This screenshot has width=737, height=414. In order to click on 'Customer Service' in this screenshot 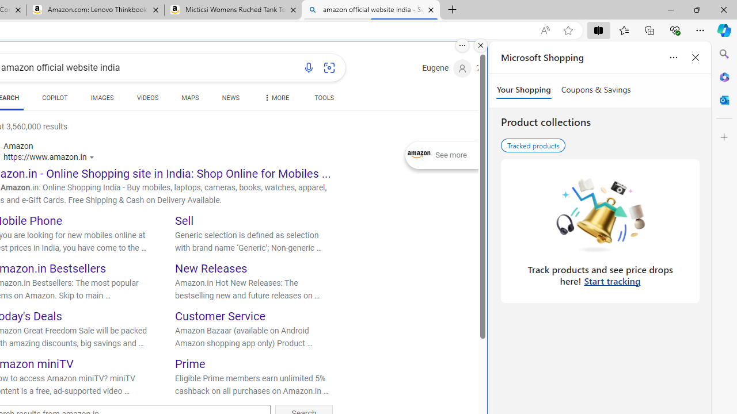, I will do `click(220, 316)`.